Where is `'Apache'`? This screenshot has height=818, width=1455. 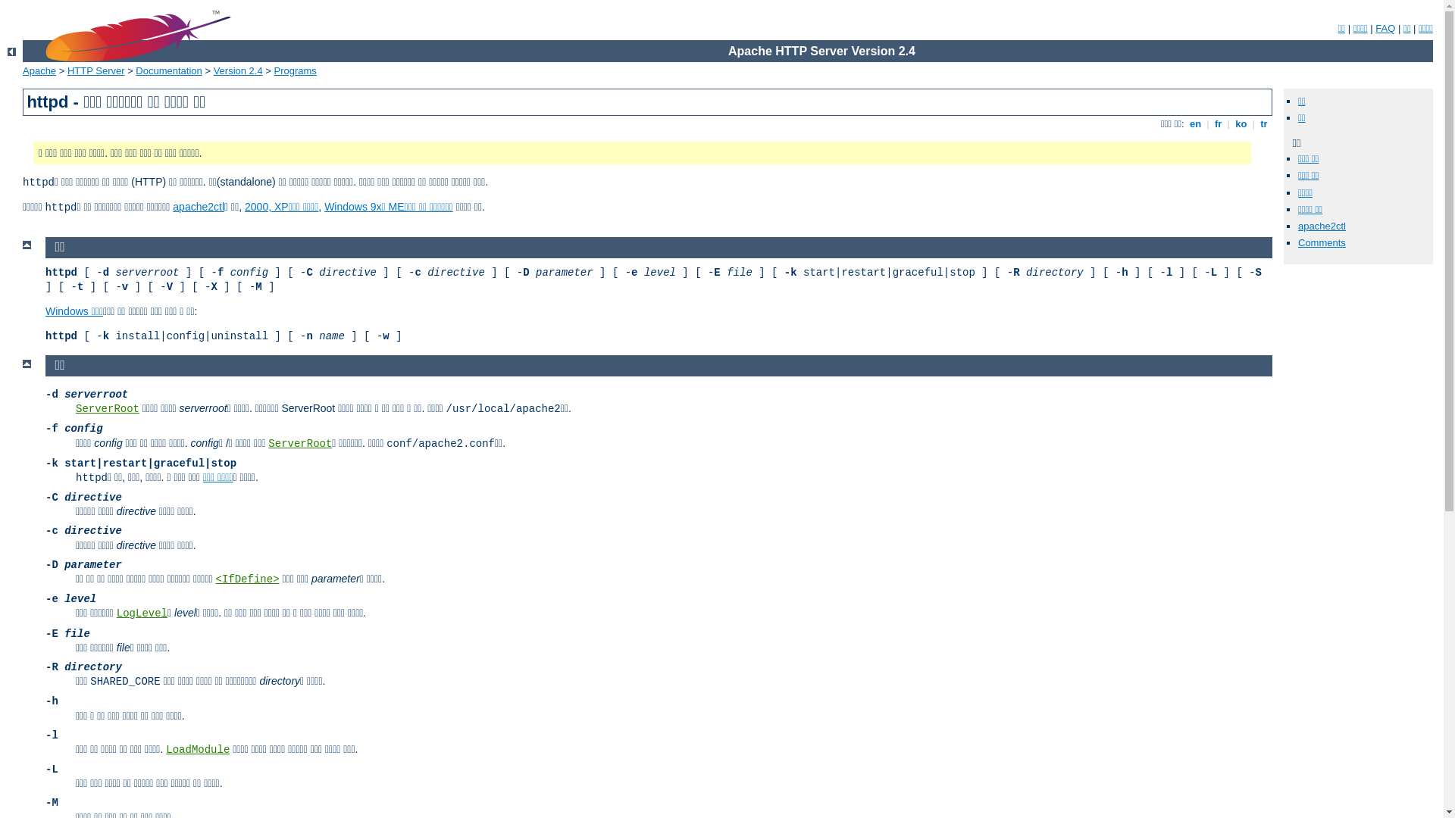 'Apache' is located at coordinates (22, 70).